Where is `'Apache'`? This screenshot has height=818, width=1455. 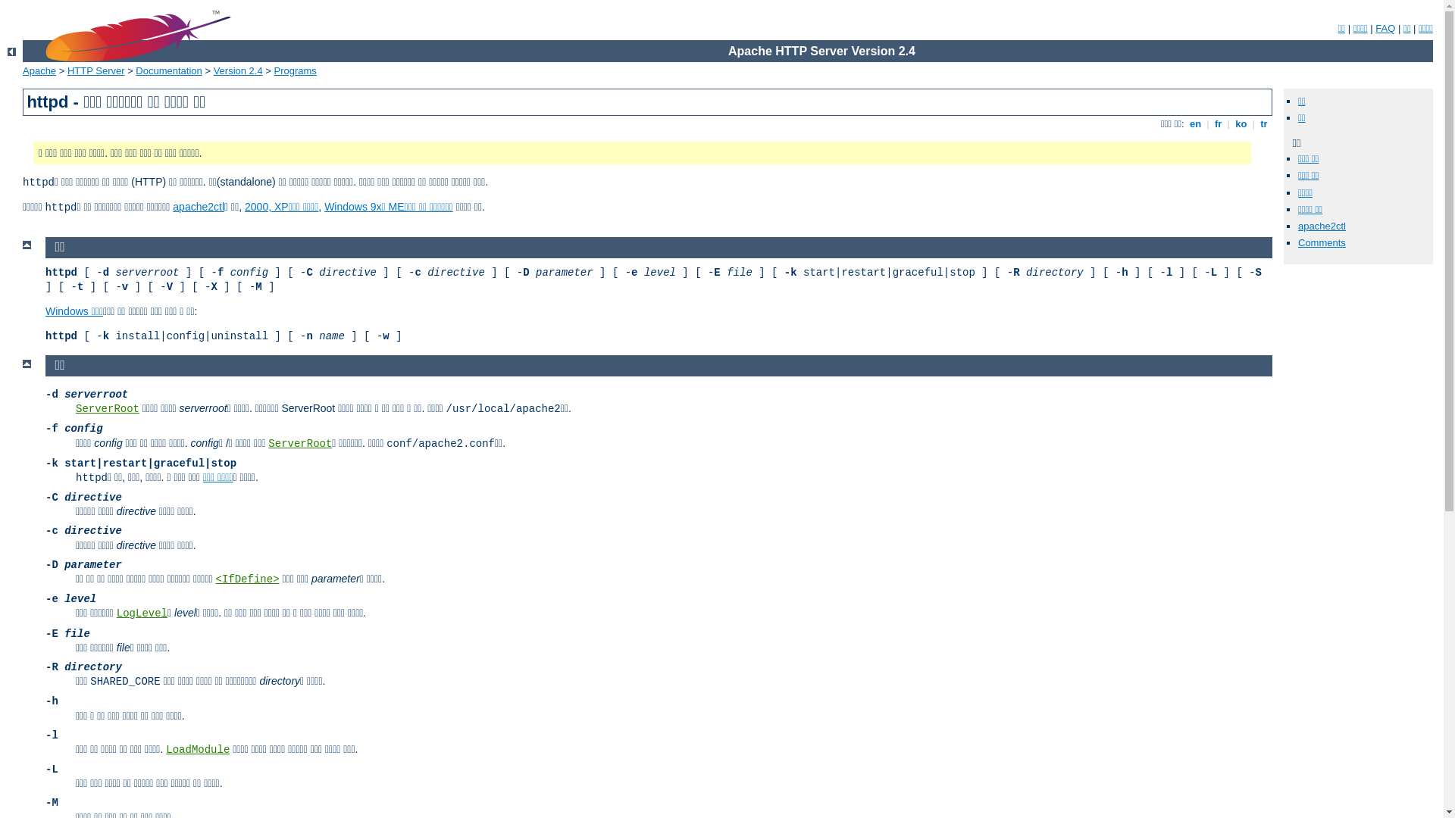 'Apache' is located at coordinates (22, 70).